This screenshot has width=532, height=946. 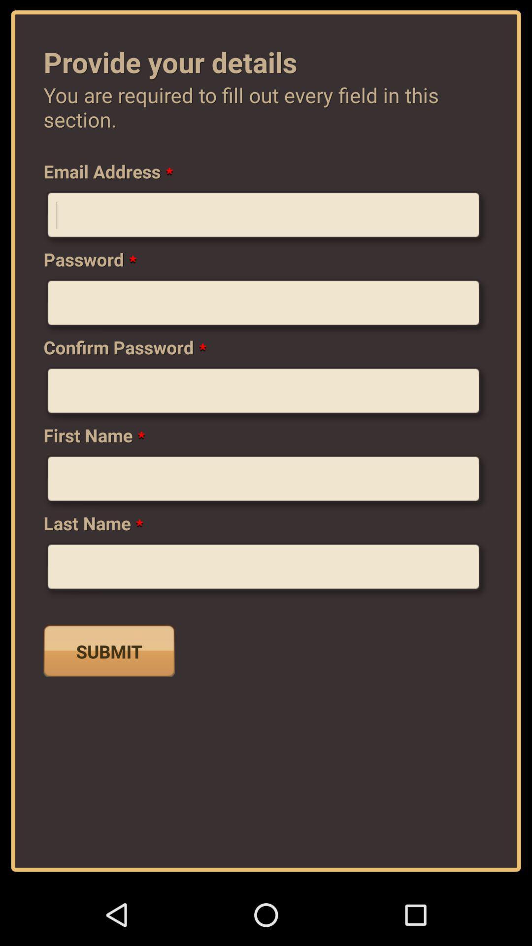 I want to click on password confirmation text box, so click(x=266, y=395).